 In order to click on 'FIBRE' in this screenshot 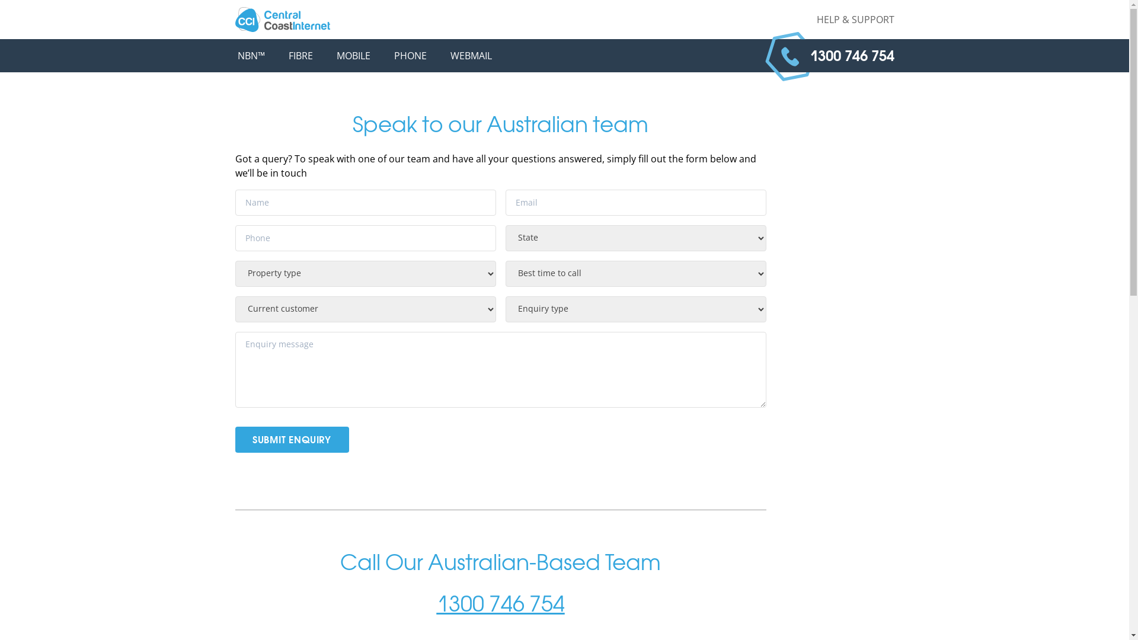, I will do `click(300, 55)`.